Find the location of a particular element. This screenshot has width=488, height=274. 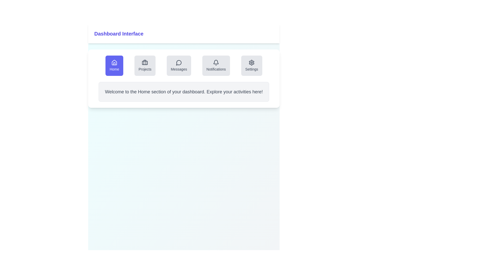

text label that says 'Messages', which is styled in a standard sans-serif font and is part of a button located in the third position from the left among five buttons is located at coordinates (179, 69).